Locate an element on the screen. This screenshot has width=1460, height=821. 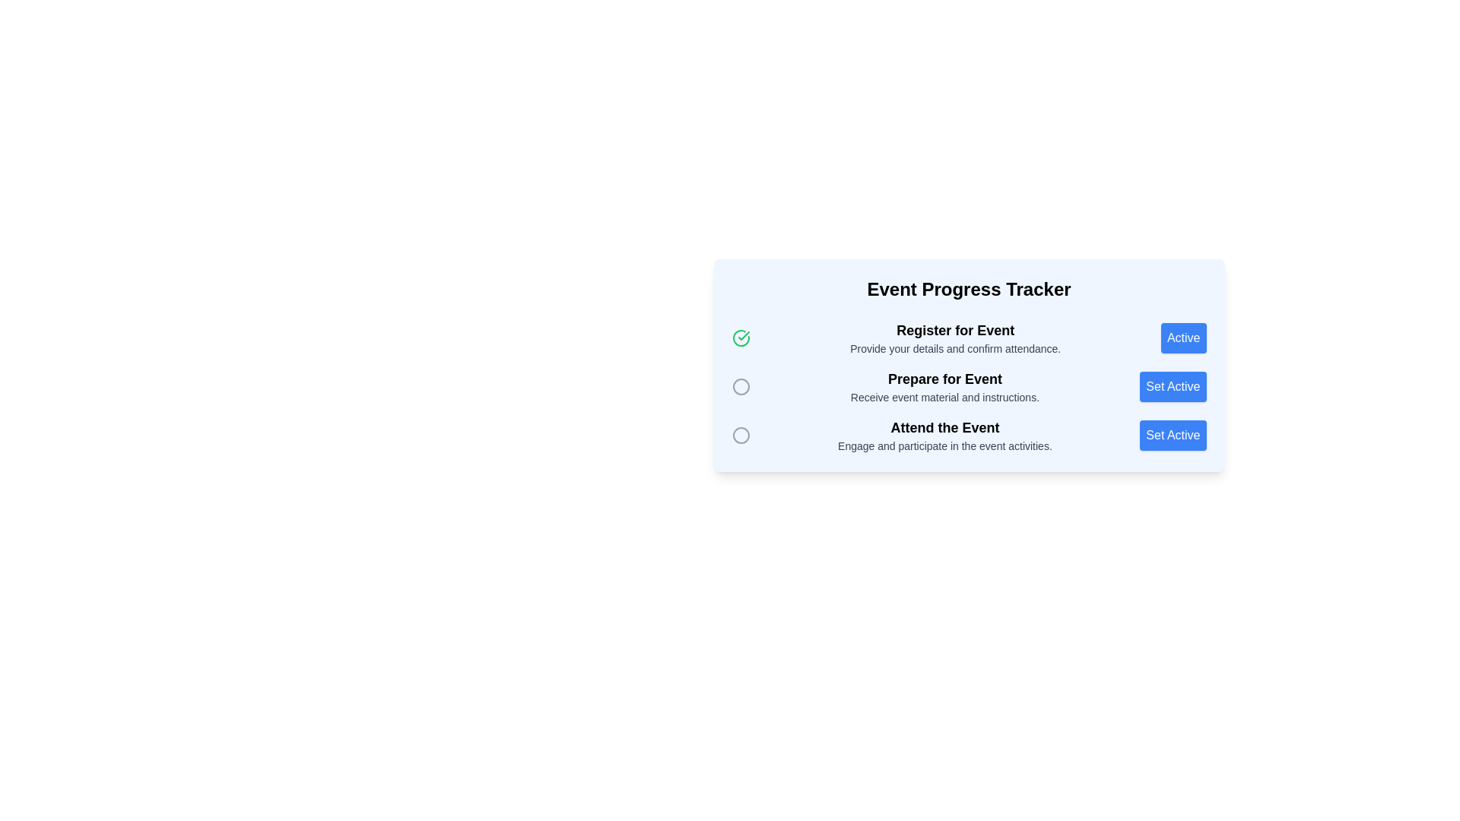
the last button on the right side of the 'Event Progress Tracker' UI component is located at coordinates (1172, 436).